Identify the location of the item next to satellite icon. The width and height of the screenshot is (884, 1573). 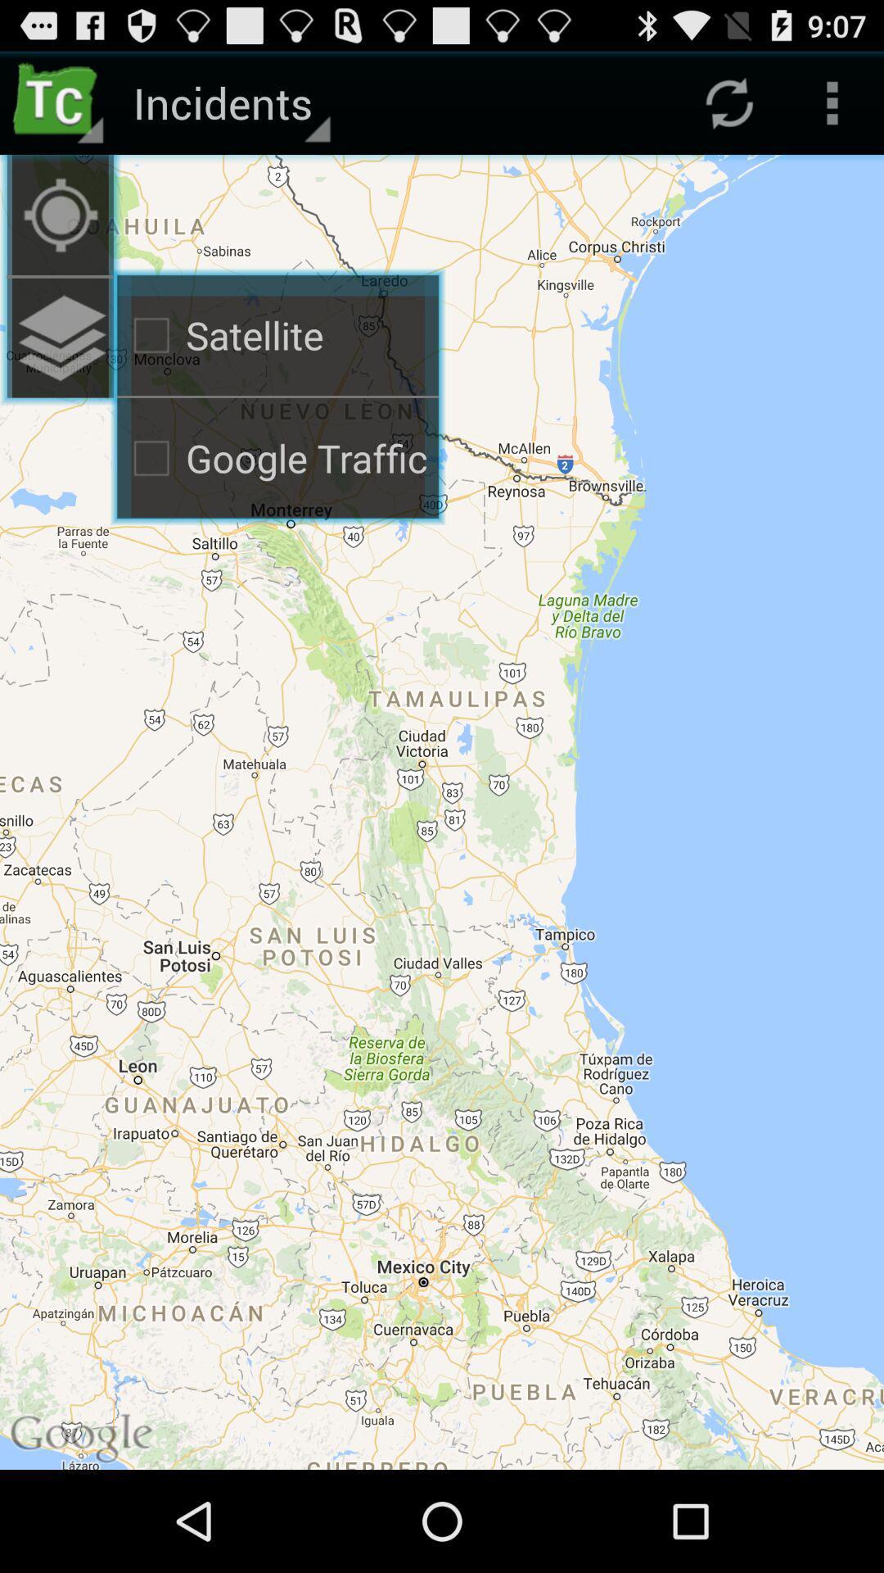
(59, 338).